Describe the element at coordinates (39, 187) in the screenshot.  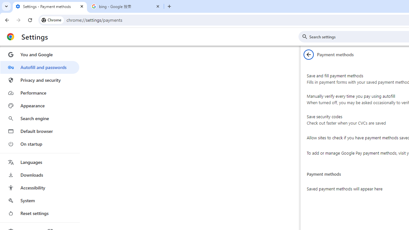
I see `'Accessibility'` at that location.